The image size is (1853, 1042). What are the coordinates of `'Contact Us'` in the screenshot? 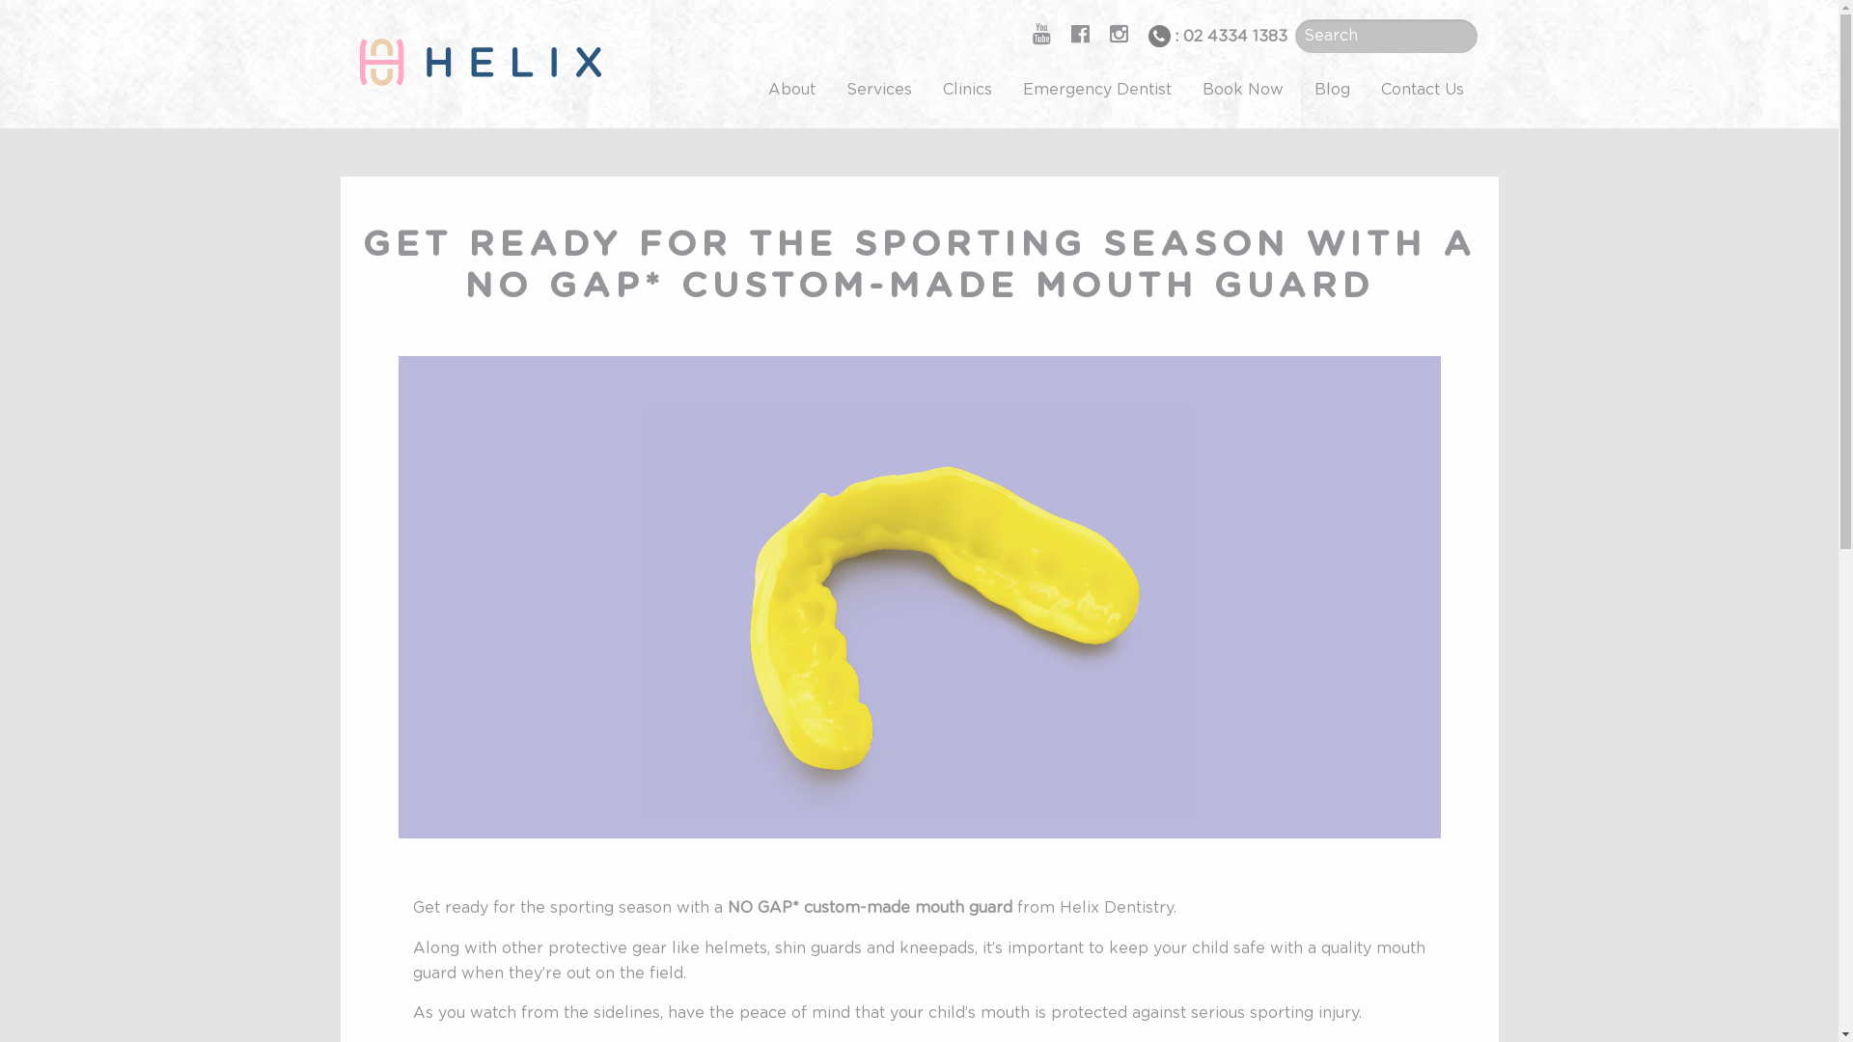 It's located at (1422, 89).